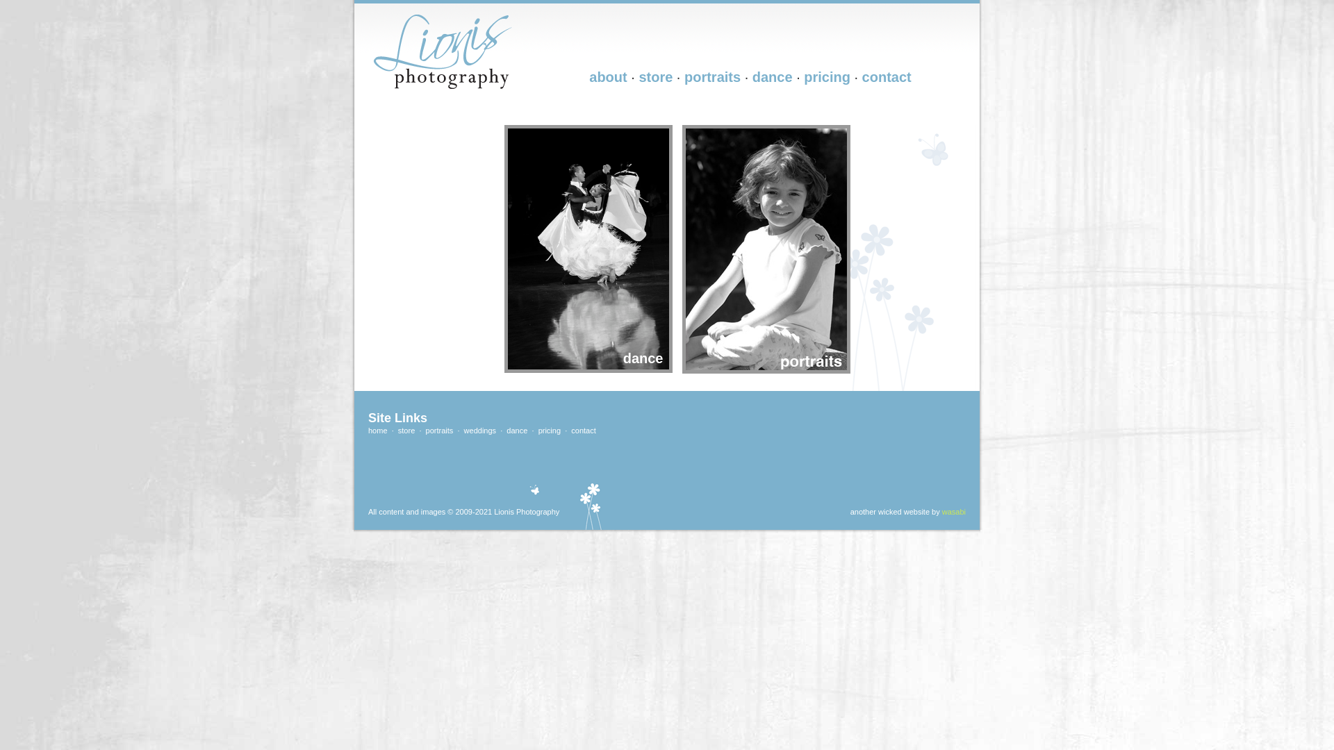 The height and width of the screenshot is (750, 1334). I want to click on 'dance', so click(516, 430).